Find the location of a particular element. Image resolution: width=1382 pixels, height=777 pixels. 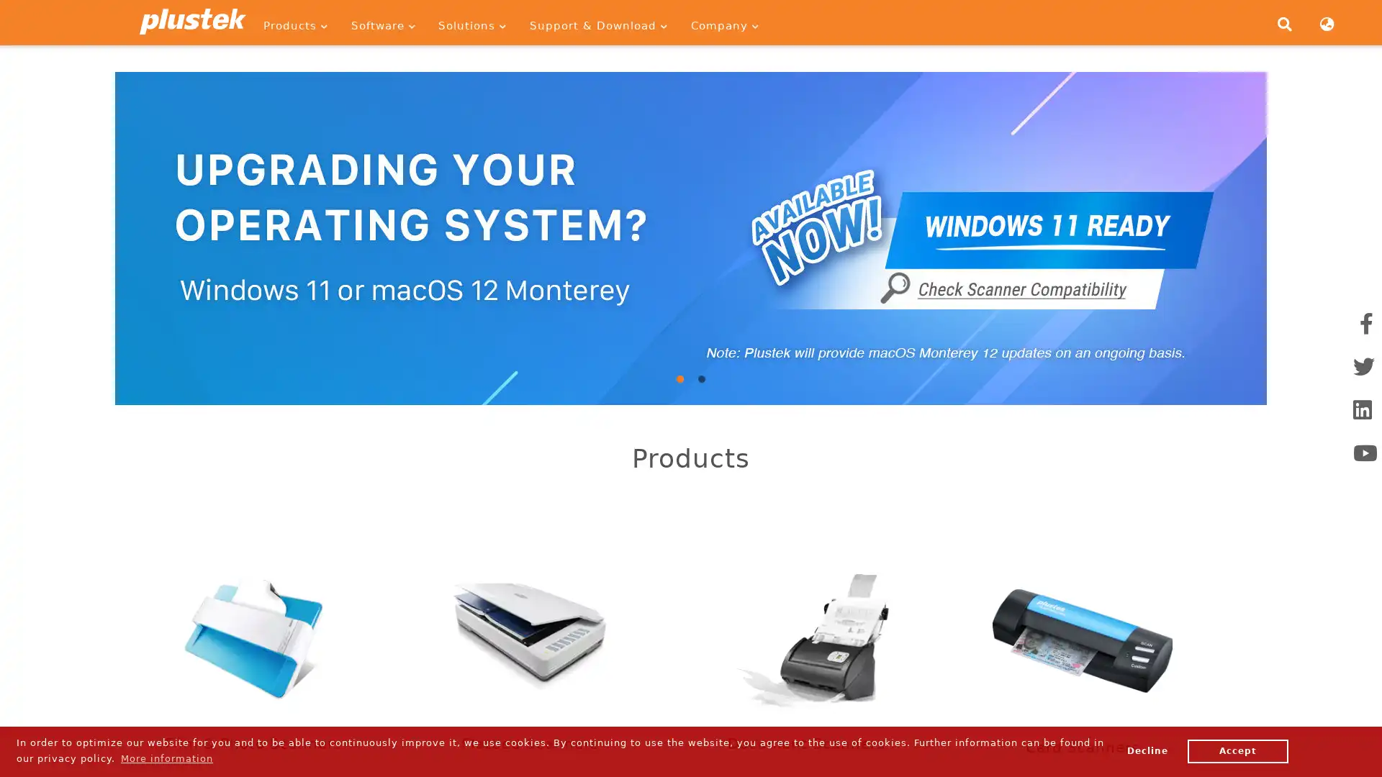

deny cookies is located at coordinates (1146, 750).